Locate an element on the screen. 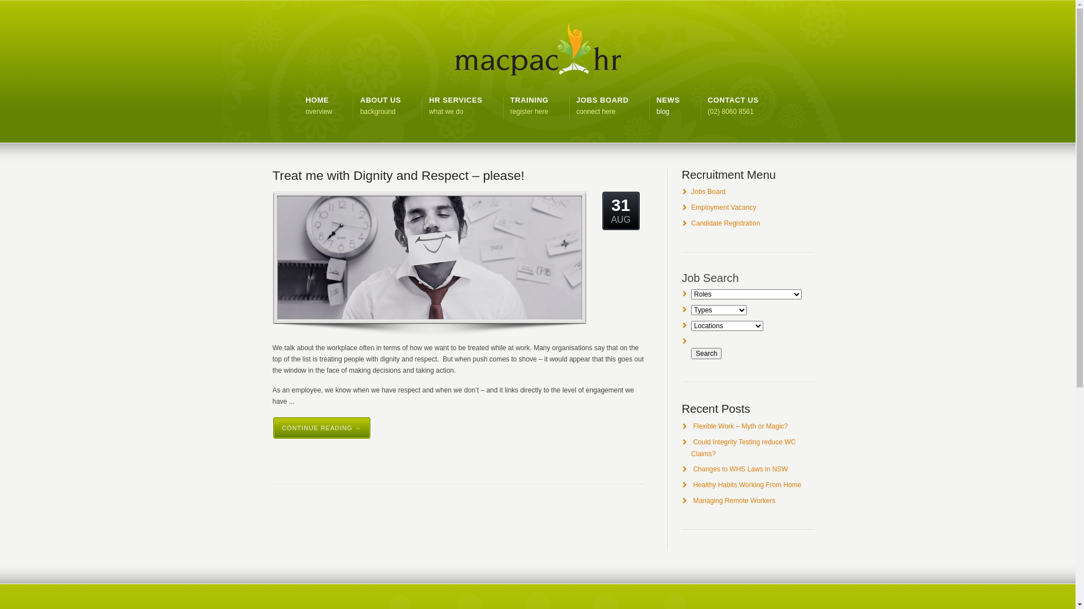 This screenshot has width=1084, height=609. 'Managing Remote Workers' is located at coordinates (734, 500).